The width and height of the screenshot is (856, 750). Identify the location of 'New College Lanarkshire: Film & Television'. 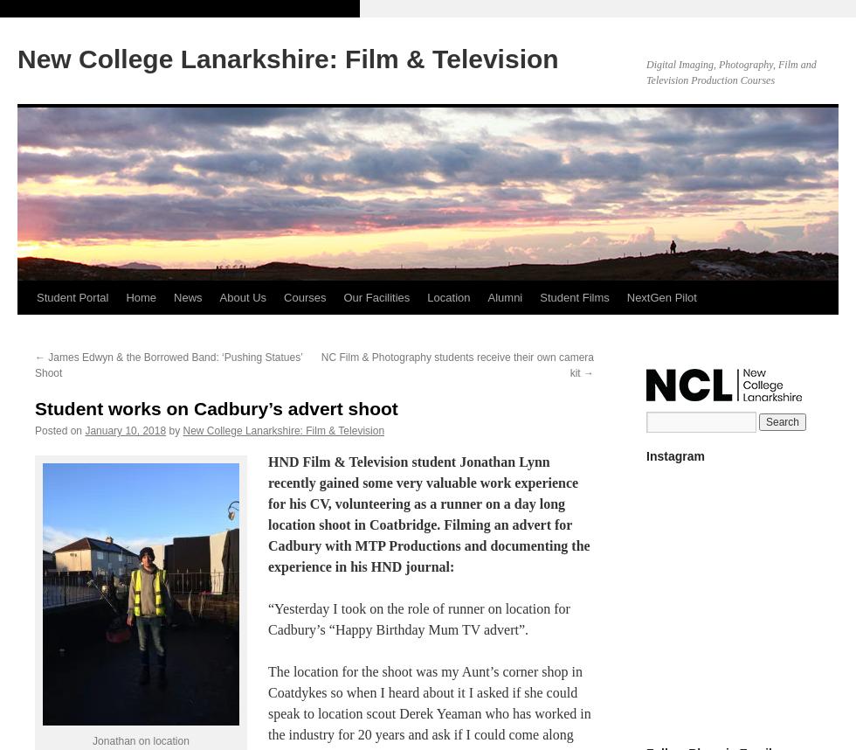
(183, 430).